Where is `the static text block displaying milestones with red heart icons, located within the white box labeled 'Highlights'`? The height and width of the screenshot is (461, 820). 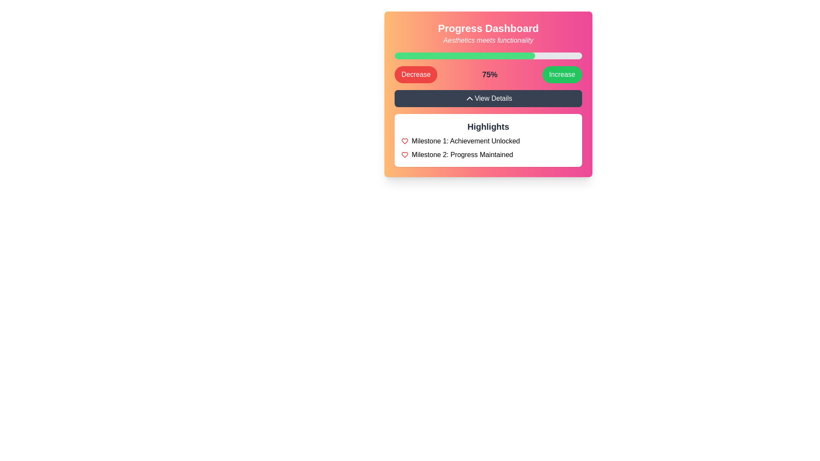
the static text block displaying milestones with red heart icons, located within the white box labeled 'Highlights' is located at coordinates (488, 148).